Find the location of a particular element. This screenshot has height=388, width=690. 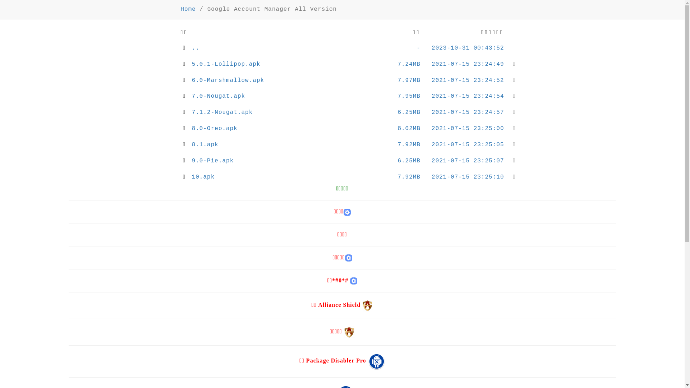

'6.0-Marshmallow.apk is located at coordinates (342, 80).